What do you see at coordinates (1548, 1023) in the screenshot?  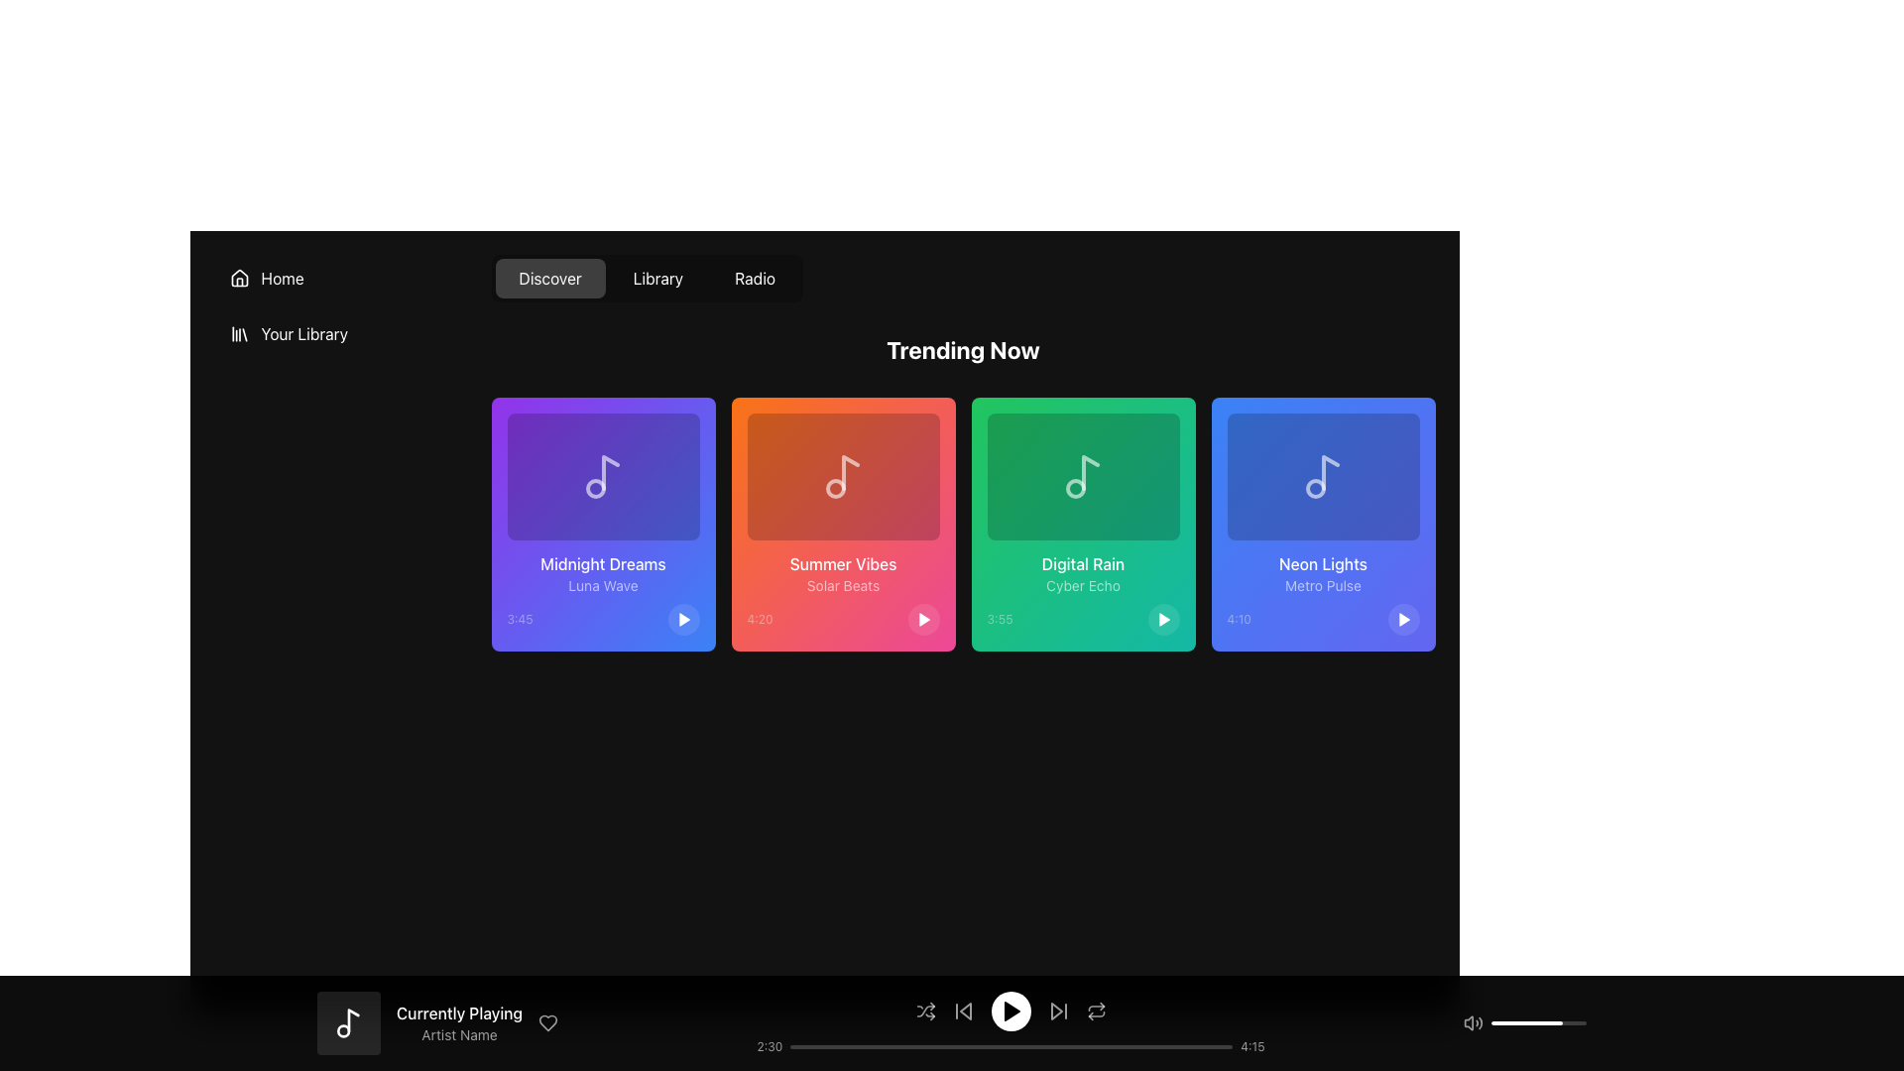 I see `the slider value` at bounding box center [1548, 1023].